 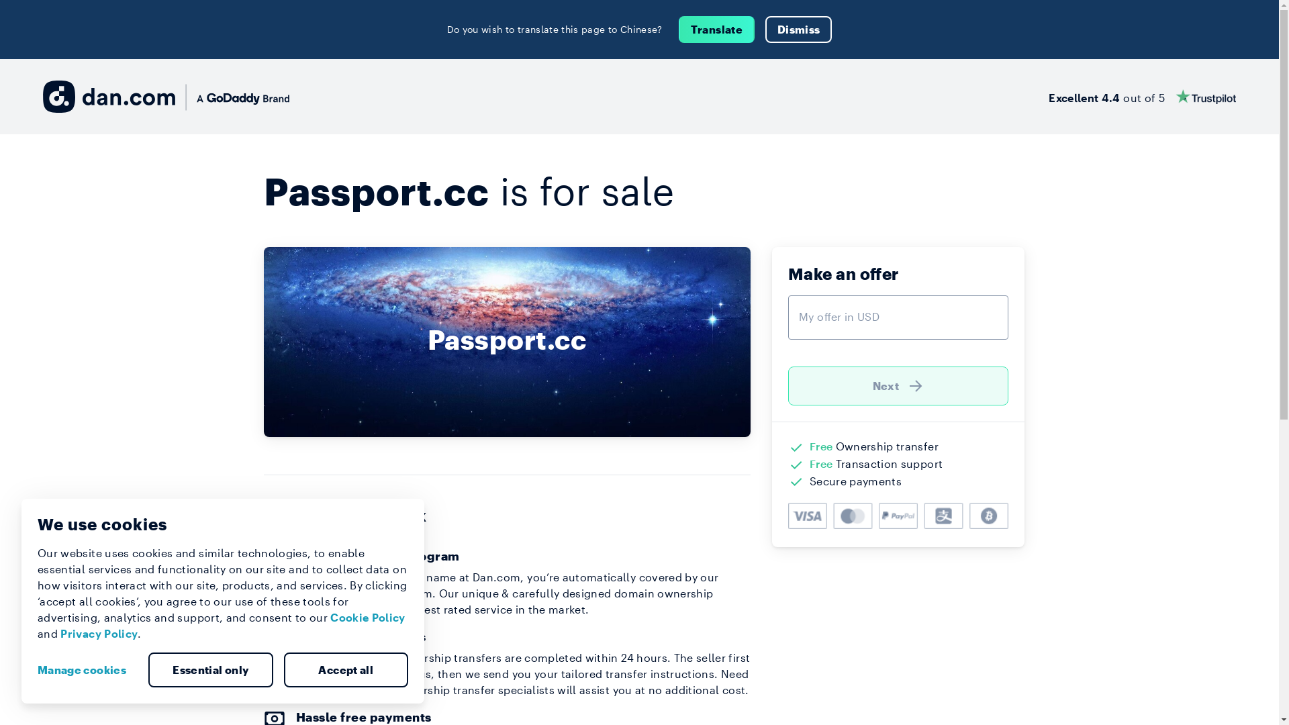 What do you see at coordinates (765, 29) in the screenshot?
I see `'Dismiss'` at bounding box center [765, 29].